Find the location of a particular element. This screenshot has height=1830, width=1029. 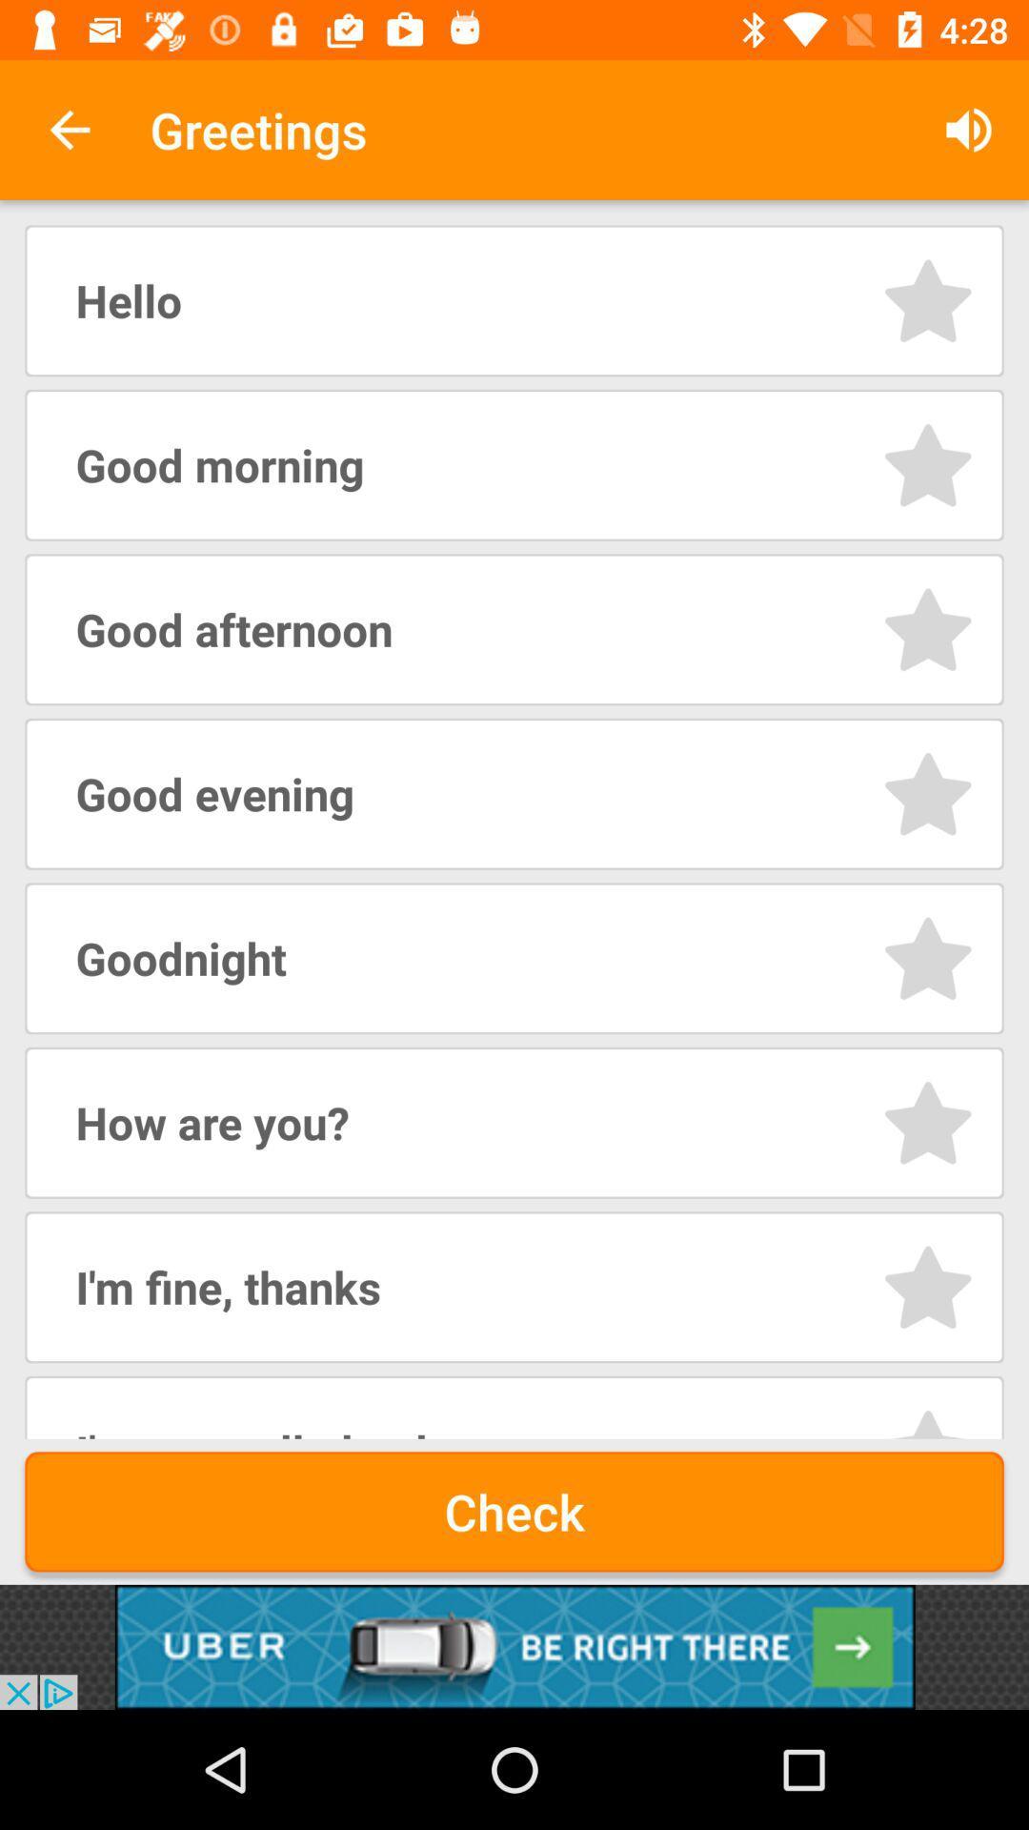

rate is located at coordinates (927, 1422).